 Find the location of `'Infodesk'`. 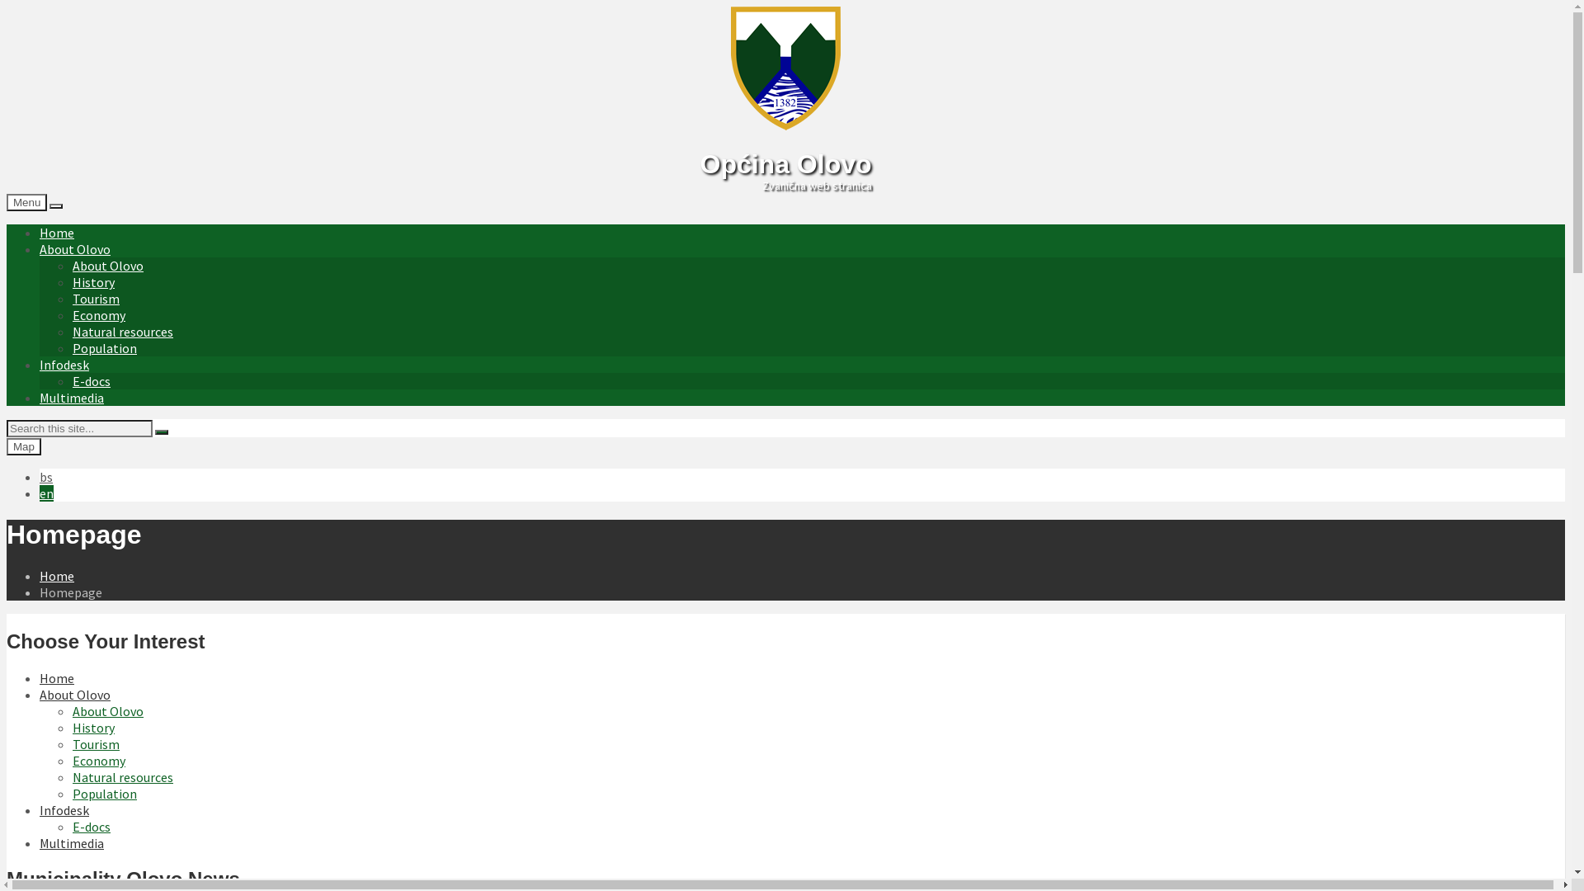

'Infodesk' is located at coordinates (64, 364).